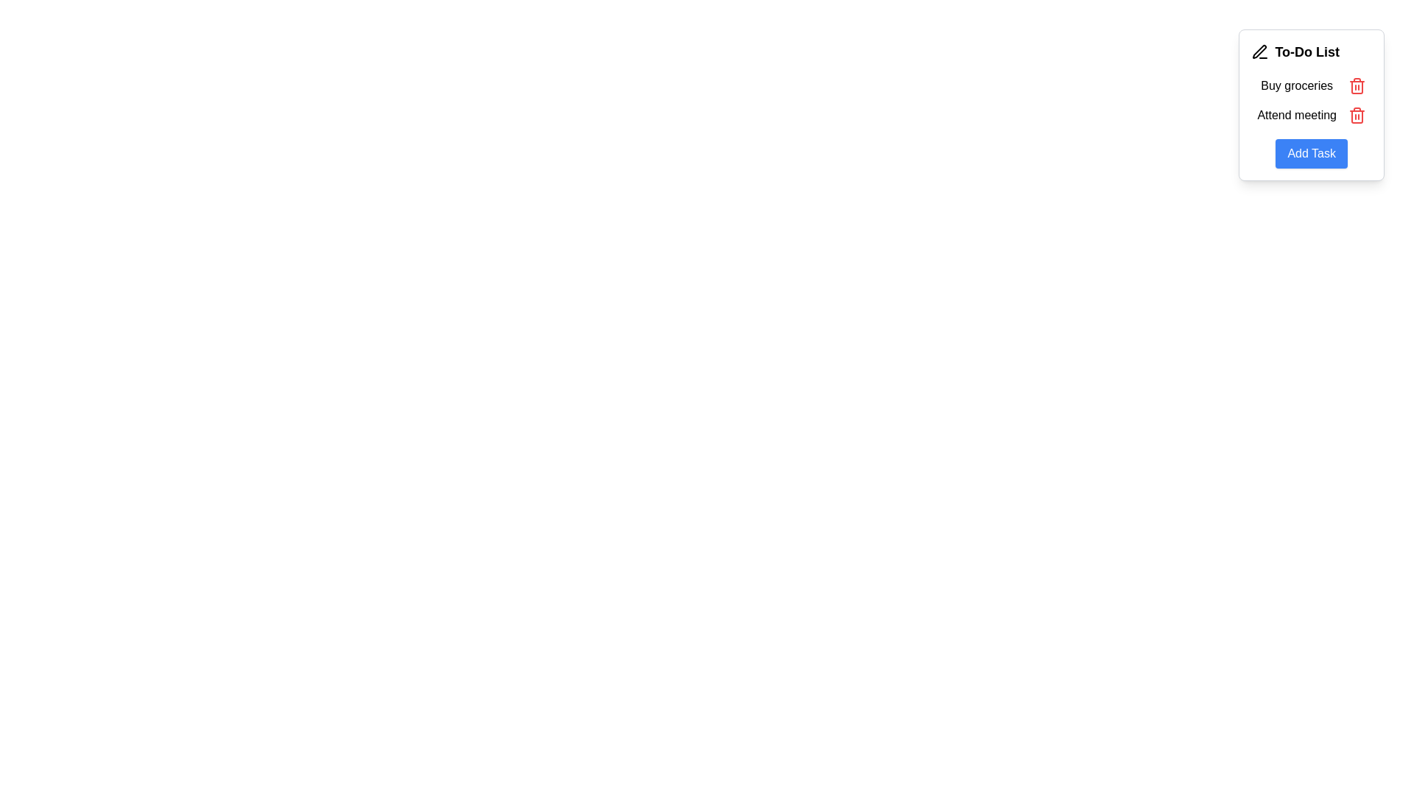  I want to click on the red trash can icon button located to the right of the 'Attend meeting' text in the second row of the to-do list to change its background color, so click(1357, 115).